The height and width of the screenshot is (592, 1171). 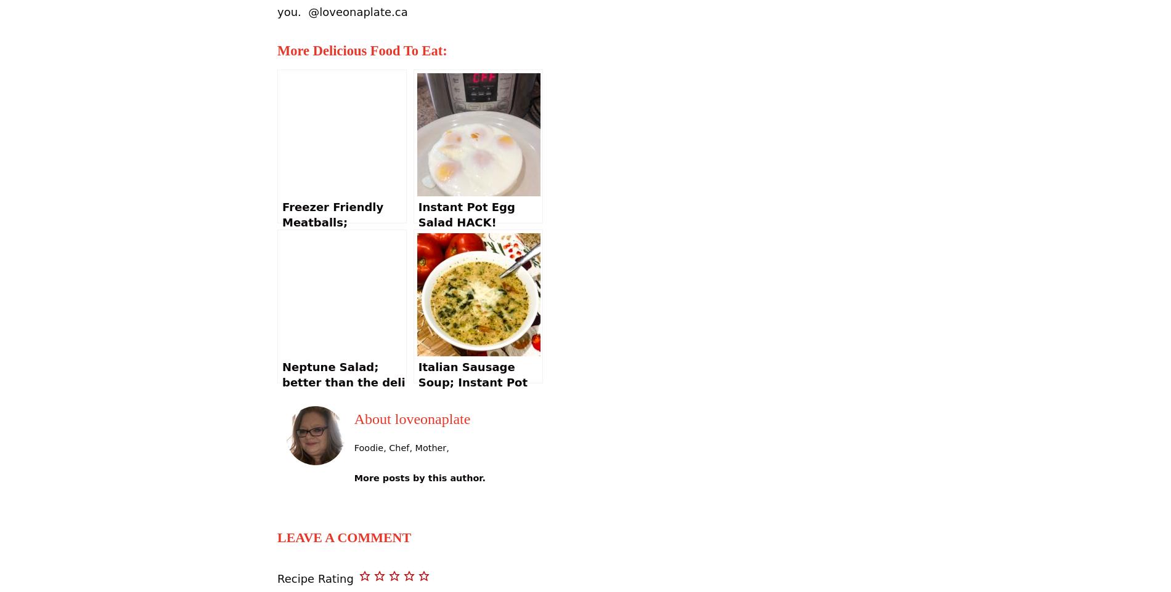 What do you see at coordinates (465, 214) in the screenshot?
I see `'Instant Pot Egg Salad HACK!'` at bounding box center [465, 214].